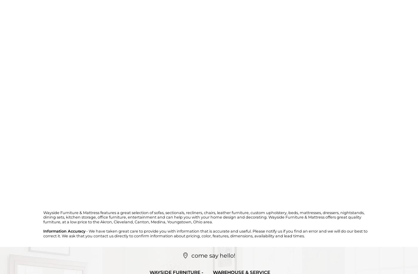  I want to click on 'Surya', so click(123, 68).